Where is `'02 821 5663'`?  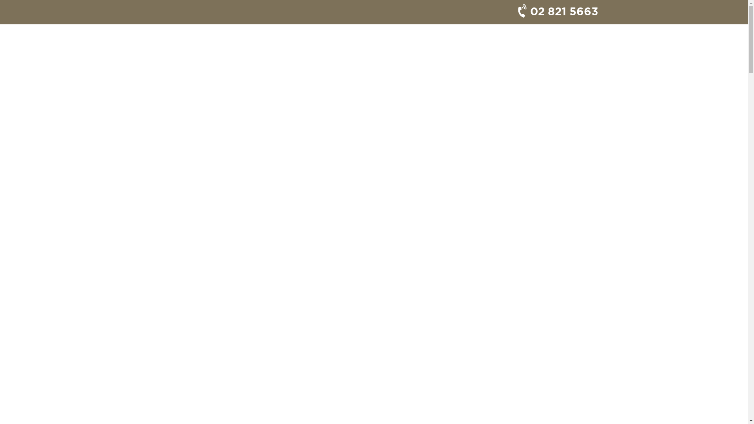 '02 821 5663' is located at coordinates (554, 12).